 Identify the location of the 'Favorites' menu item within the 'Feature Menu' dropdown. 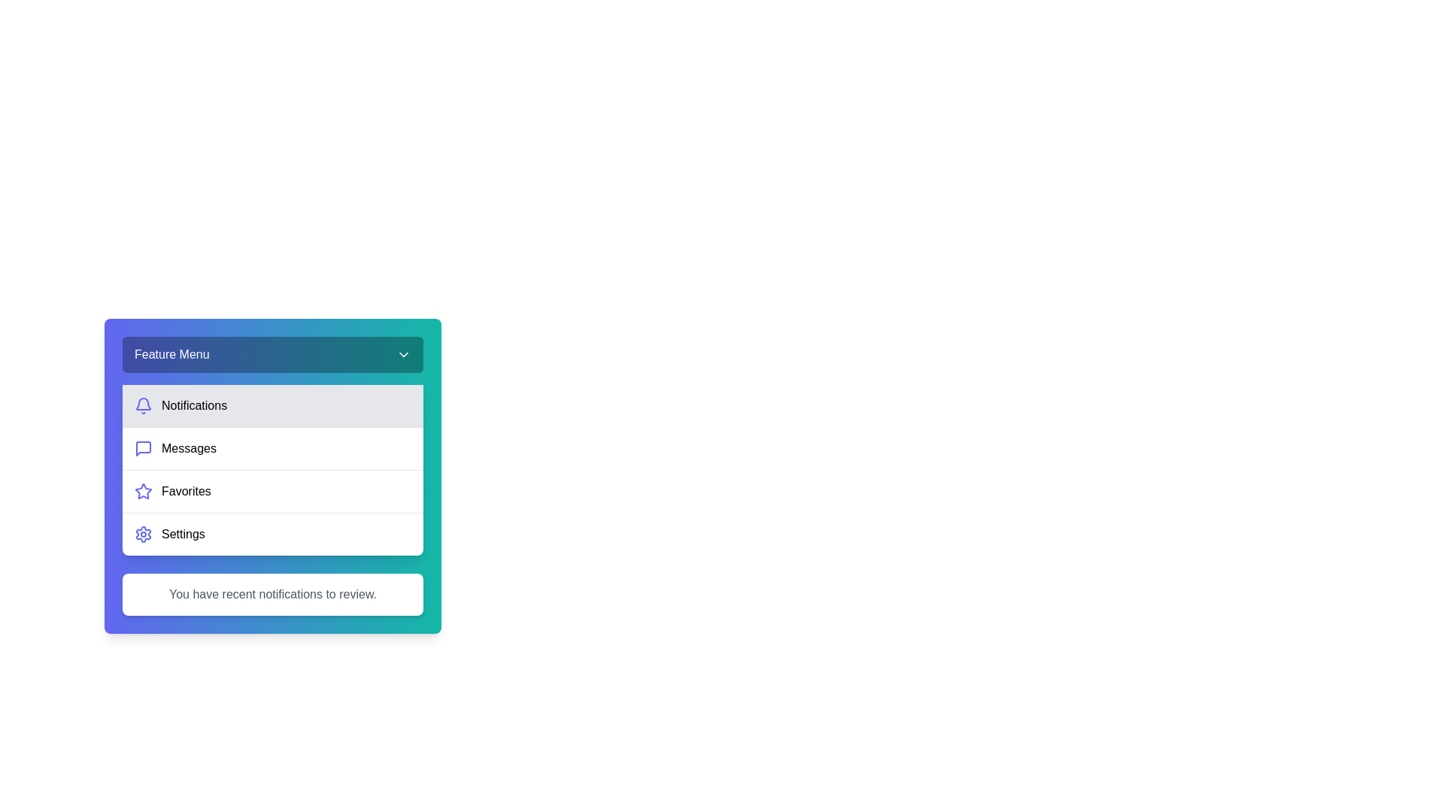
(273, 475).